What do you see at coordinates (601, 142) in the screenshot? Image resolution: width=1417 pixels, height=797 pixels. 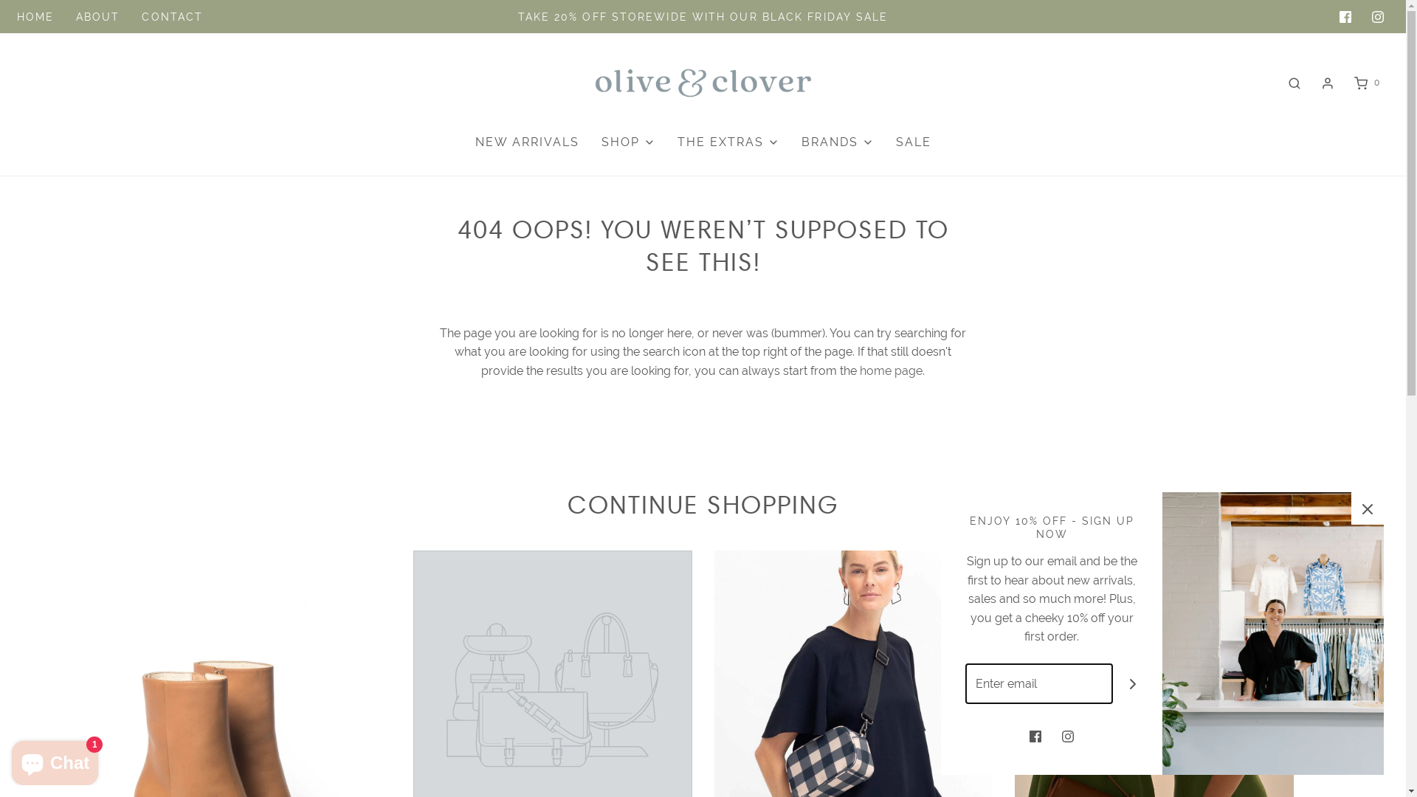 I see `'SHOP'` at bounding box center [601, 142].